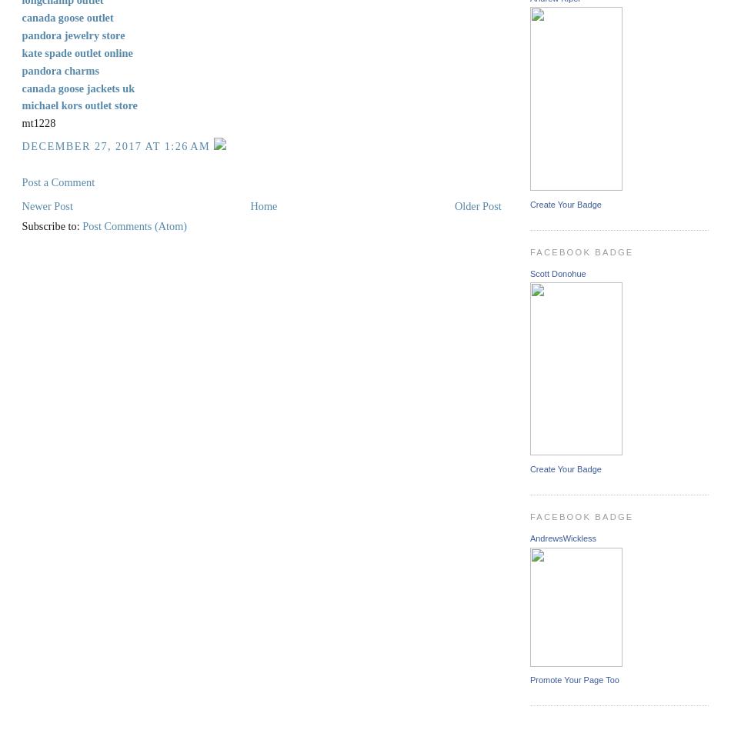  What do you see at coordinates (573, 678) in the screenshot?
I see `'Promote Your Page Too'` at bounding box center [573, 678].